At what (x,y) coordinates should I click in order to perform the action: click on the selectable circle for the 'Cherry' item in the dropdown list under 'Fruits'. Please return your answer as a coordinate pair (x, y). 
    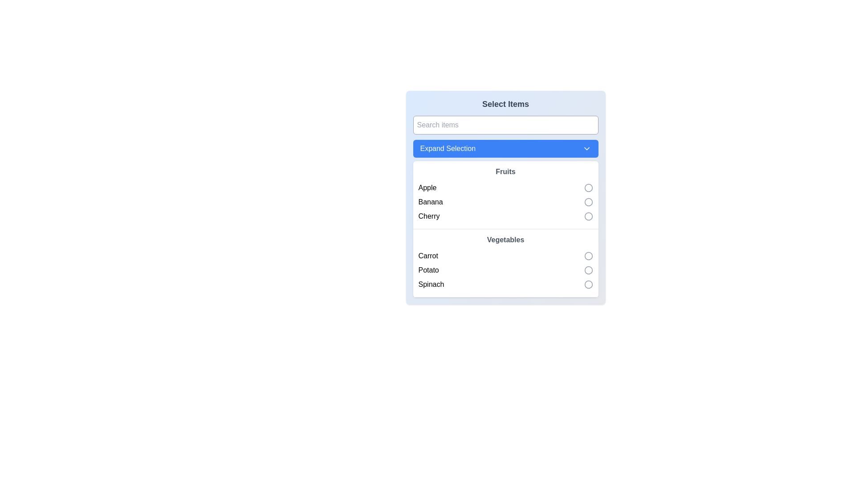
    Looking at the image, I should click on (505, 216).